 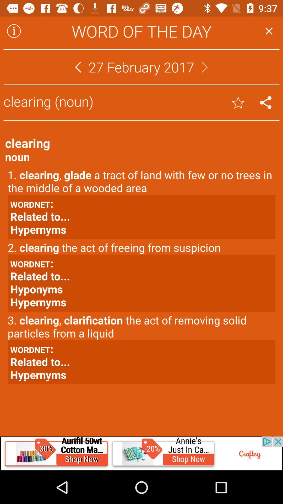 What do you see at coordinates (141, 453) in the screenshot?
I see `open advertisement` at bounding box center [141, 453].